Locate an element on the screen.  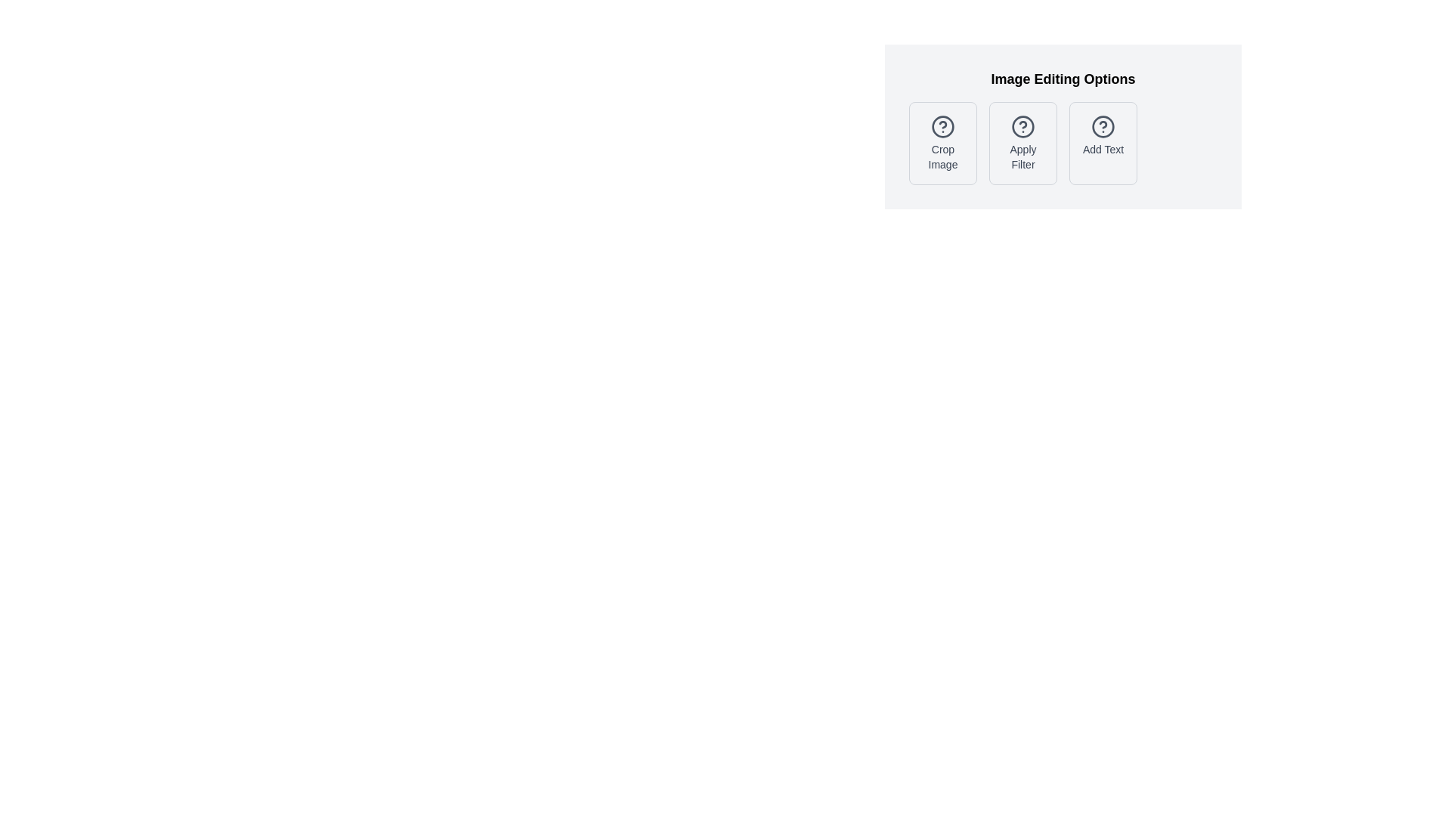
the innermost circular graphical element of the help icon in the 'Image Editing Options' group, which is the second element in the horizontal sequence of three options is located at coordinates (1023, 126).